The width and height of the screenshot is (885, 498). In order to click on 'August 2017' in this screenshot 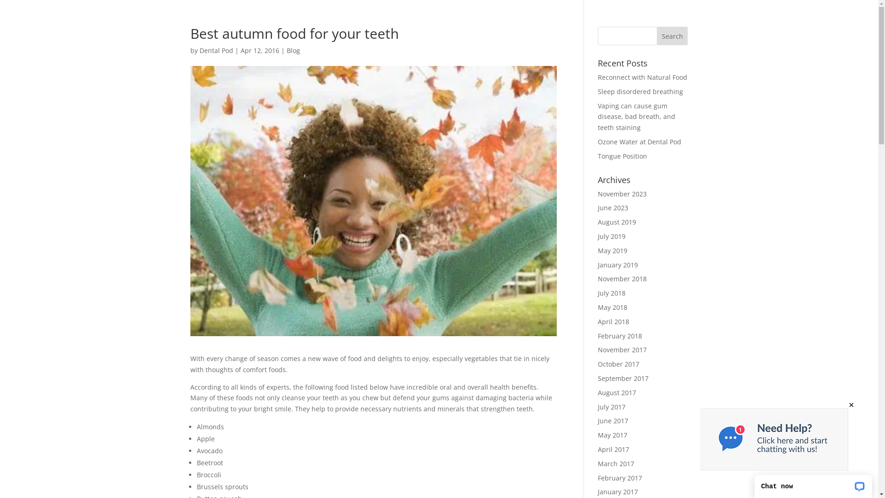, I will do `click(597, 392)`.